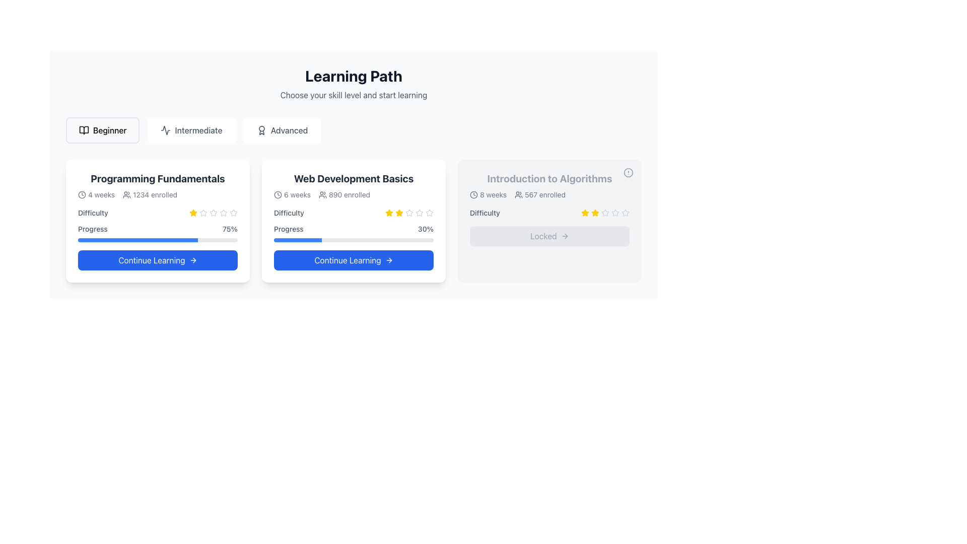 The width and height of the screenshot is (967, 544). I want to click on the second star icon in the rating system of the 'Difficulty' section on the 'Programming Fundamentals' course card, so click(223, 212).